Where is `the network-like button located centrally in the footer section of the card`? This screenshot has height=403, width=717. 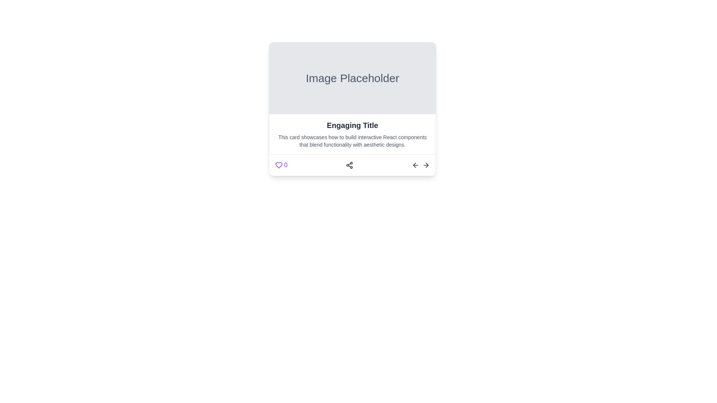
the network-like button located centrally in the footer section of the card is located at coordinates (352, 165).